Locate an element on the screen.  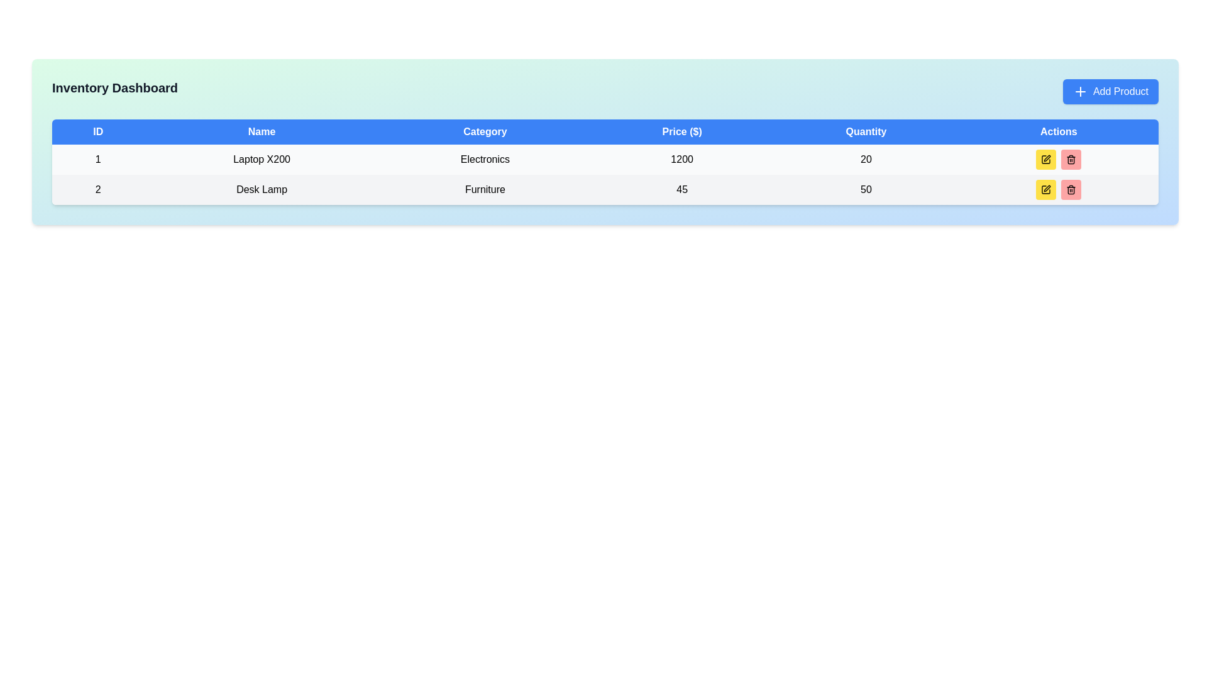
the 'Name' column header in the table, which is the second column header located between the 'ID' and 'Category' headers is located at coordinates (261, 131).